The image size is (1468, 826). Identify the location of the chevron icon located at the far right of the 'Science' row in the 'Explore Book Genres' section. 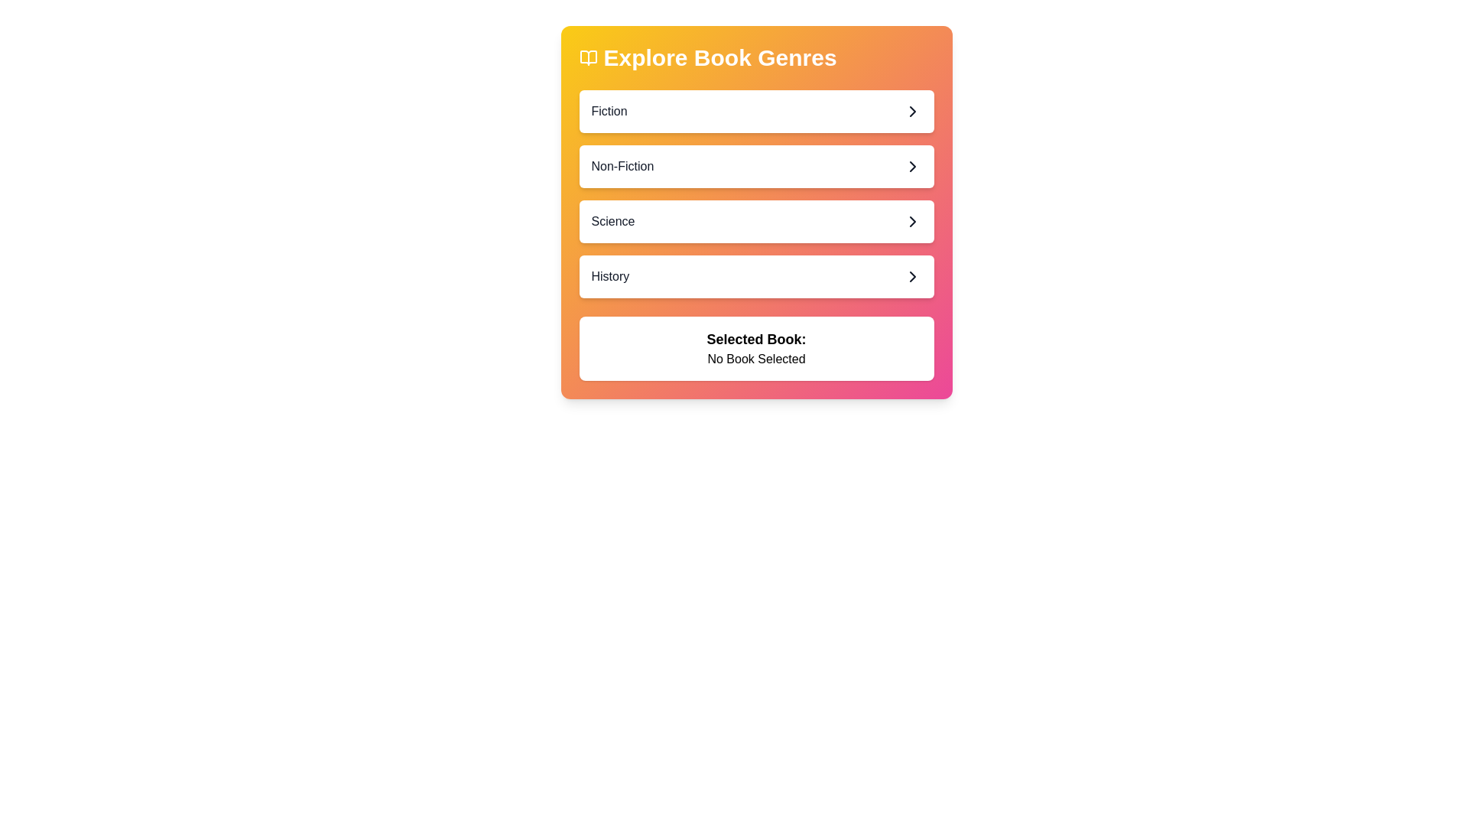
(912, 221).